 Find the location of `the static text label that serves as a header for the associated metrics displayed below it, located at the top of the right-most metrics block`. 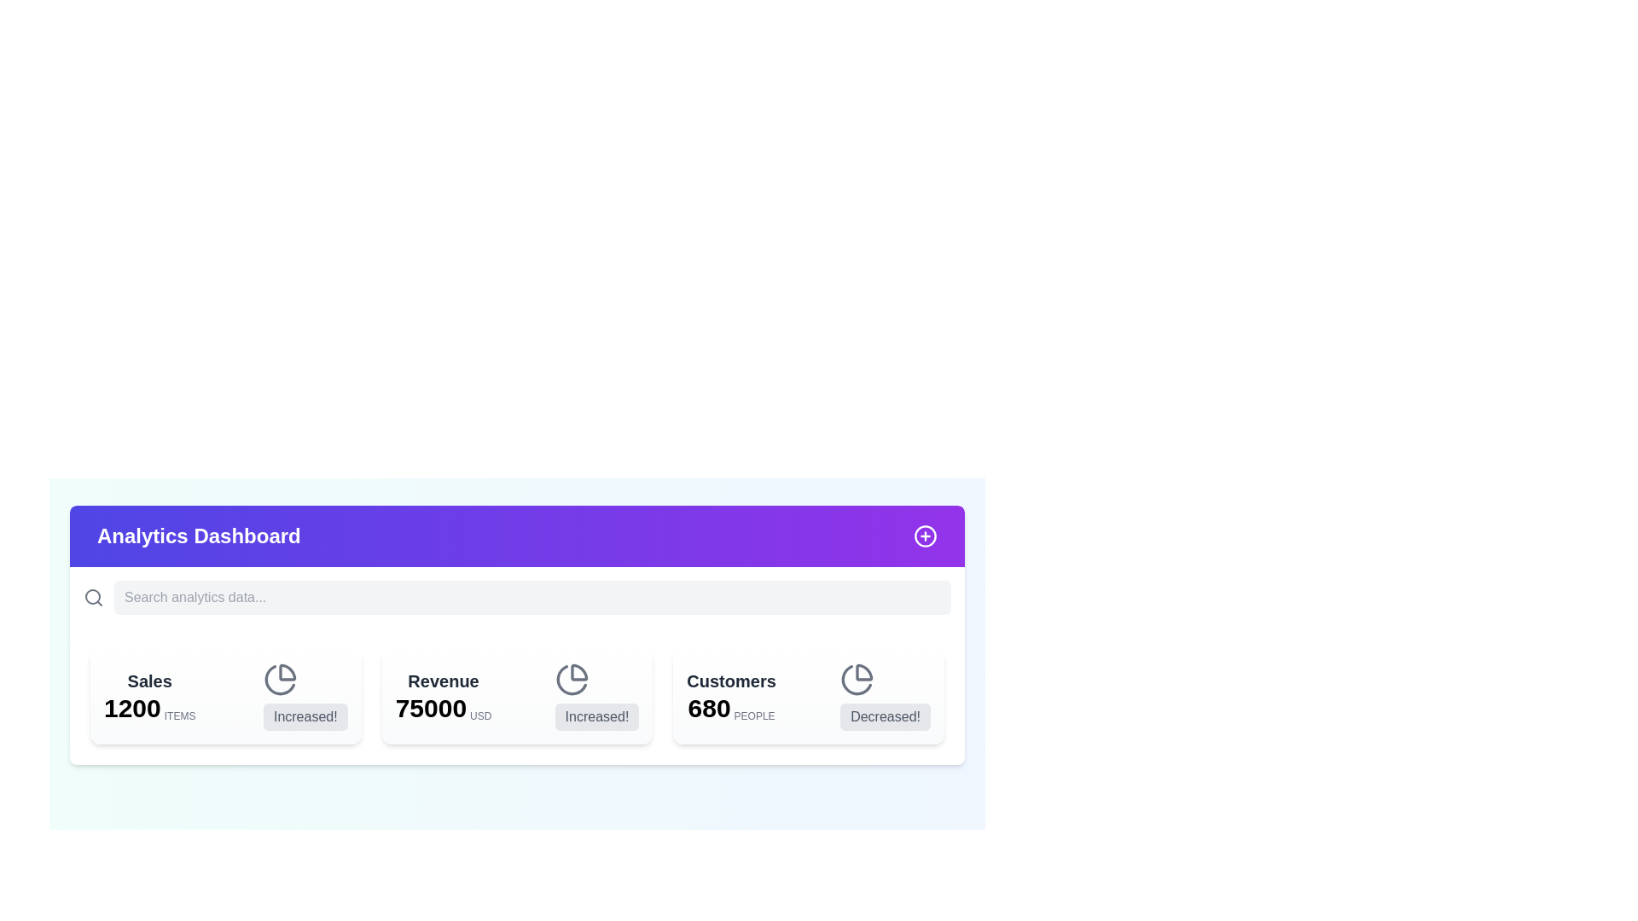

the static text label that serves as a header for the associated metrics displayed below it, located at the top of the right-most metrics block is located at coordinates (731, 680).